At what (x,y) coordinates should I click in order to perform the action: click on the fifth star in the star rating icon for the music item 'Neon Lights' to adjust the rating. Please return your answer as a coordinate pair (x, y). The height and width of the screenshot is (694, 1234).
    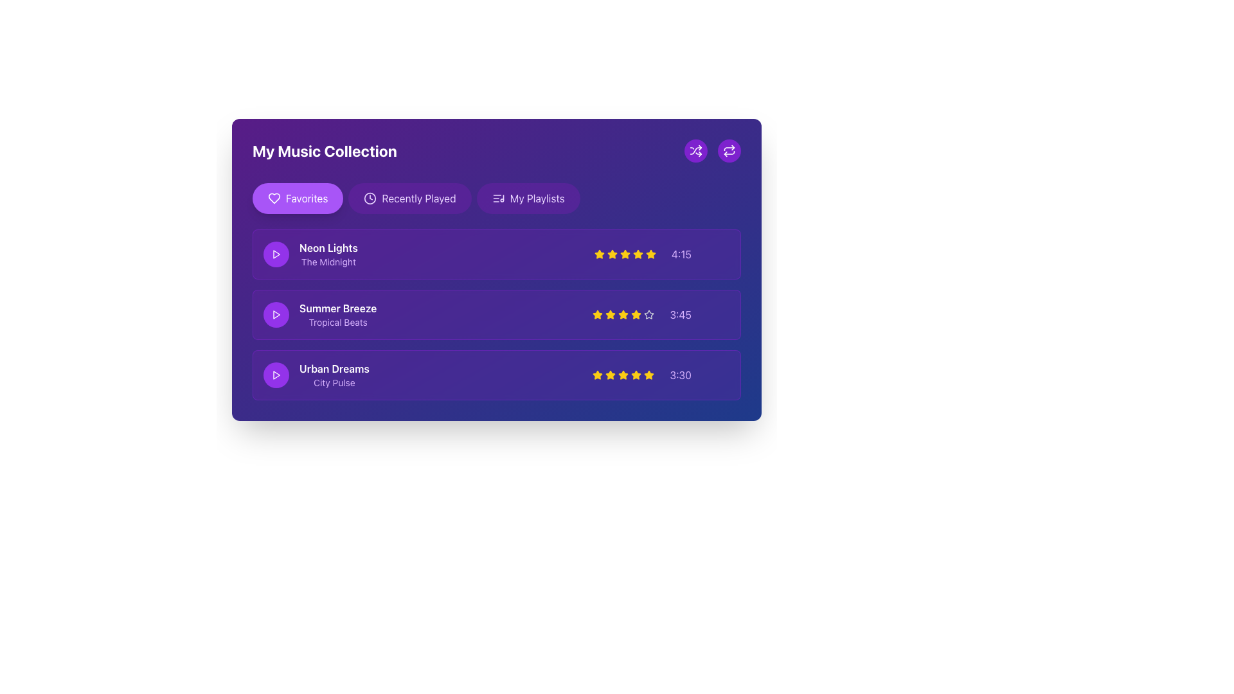
    Looking at the image, I should click on (625, 254).